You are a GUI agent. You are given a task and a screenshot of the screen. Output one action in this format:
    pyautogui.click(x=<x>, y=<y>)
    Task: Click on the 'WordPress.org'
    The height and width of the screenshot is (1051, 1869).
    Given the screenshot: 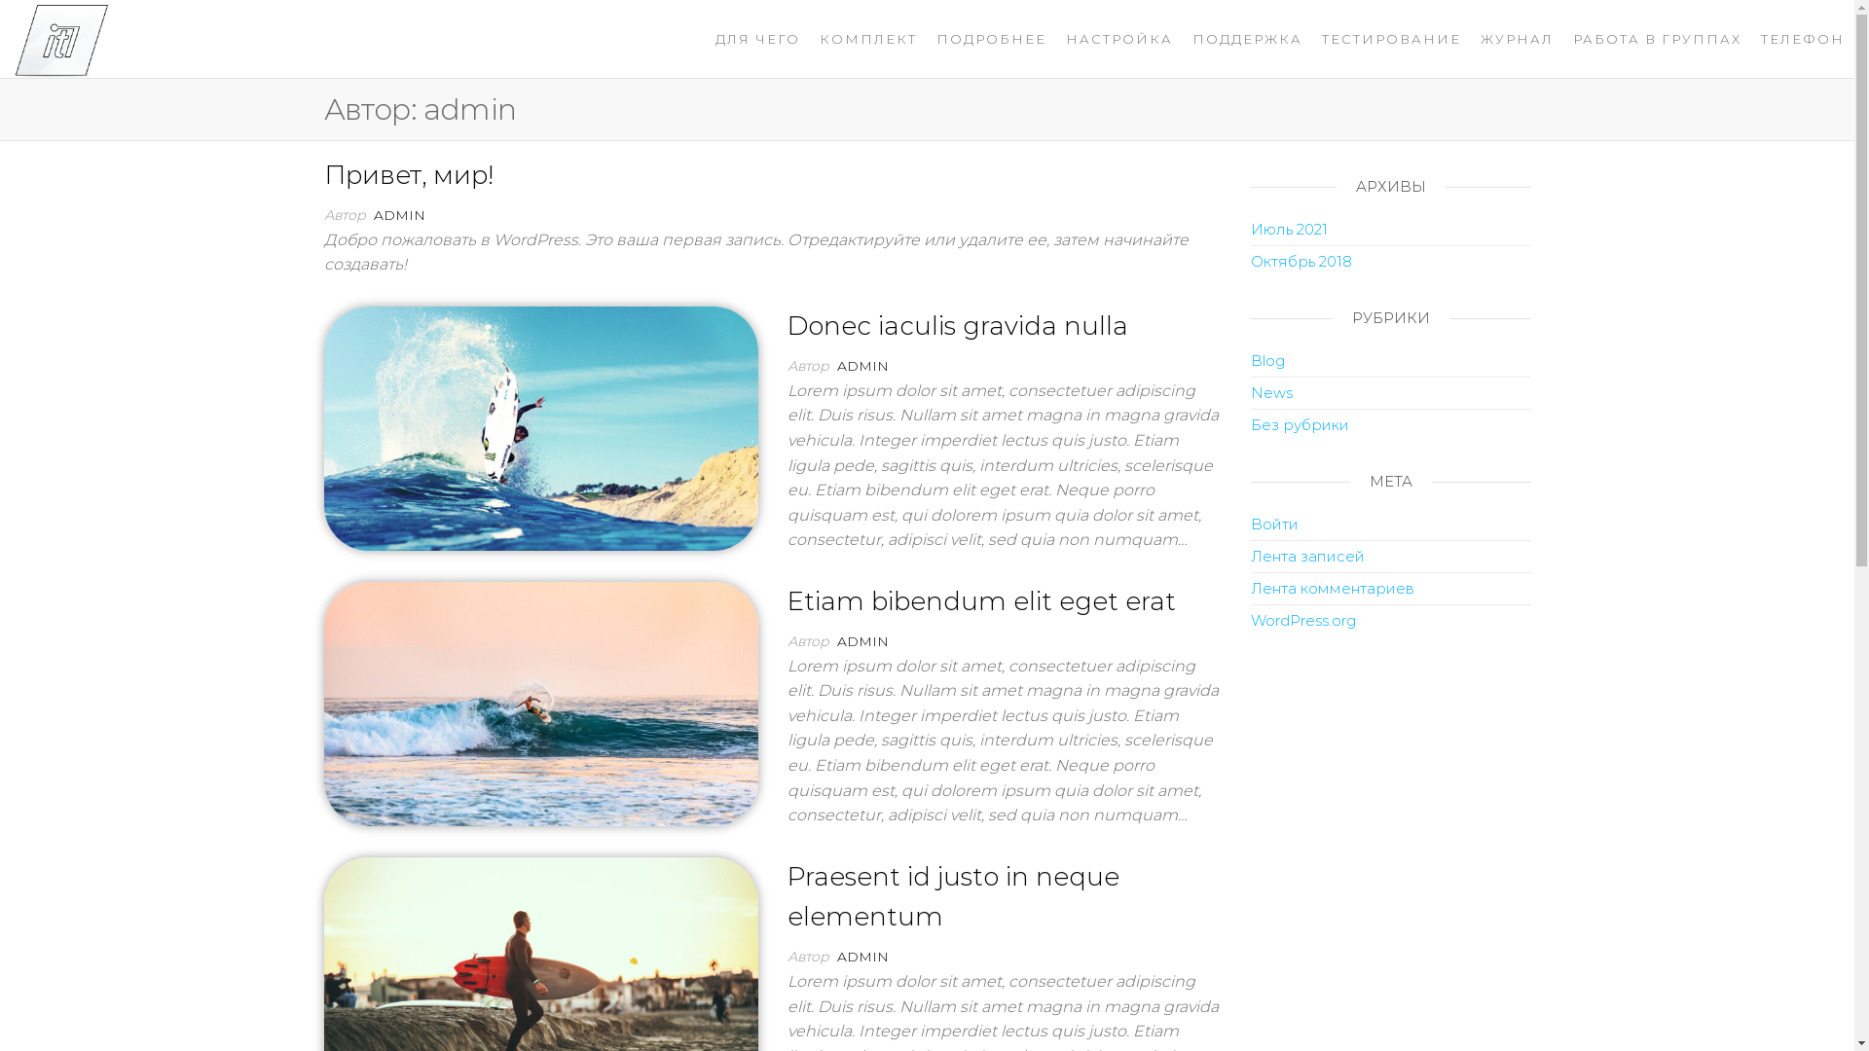 What is the action you would take?
    pyautogui.click(x=1303, y=620)
    